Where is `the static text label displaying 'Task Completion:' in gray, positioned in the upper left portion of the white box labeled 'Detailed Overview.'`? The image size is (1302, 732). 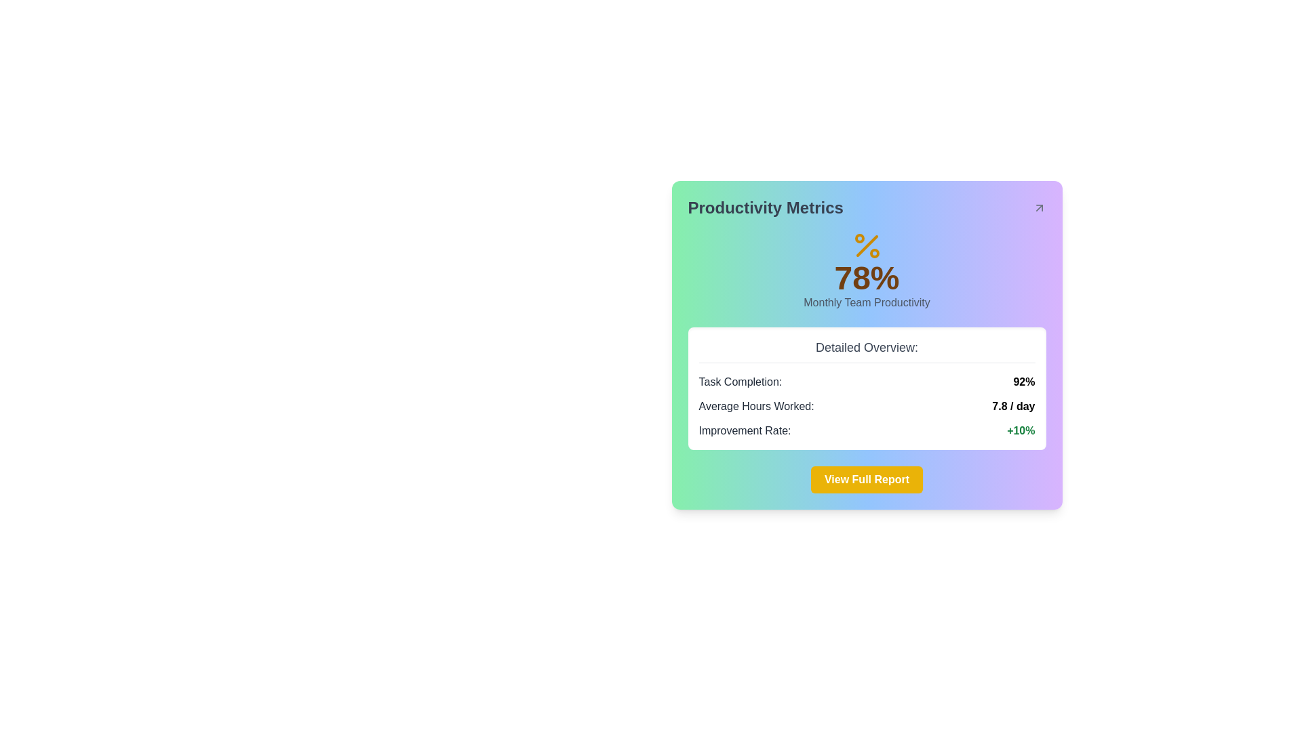
the static text label displaying 'Task Completion:' in gray, positioned in the upper left portion of the white box labeled 'Detailed Overview.' is located at coordinates (739, 382).